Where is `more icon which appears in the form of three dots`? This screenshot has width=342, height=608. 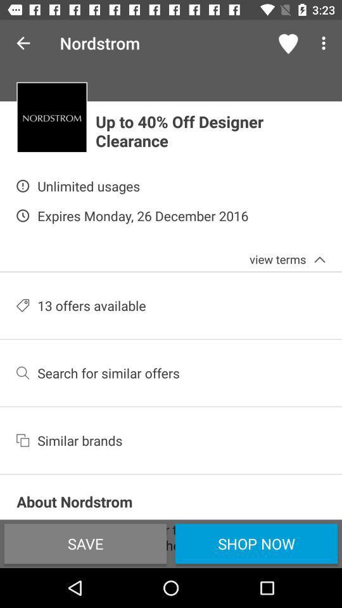 more icon which appears in the form of three dots is located at coordinates (326, 43).